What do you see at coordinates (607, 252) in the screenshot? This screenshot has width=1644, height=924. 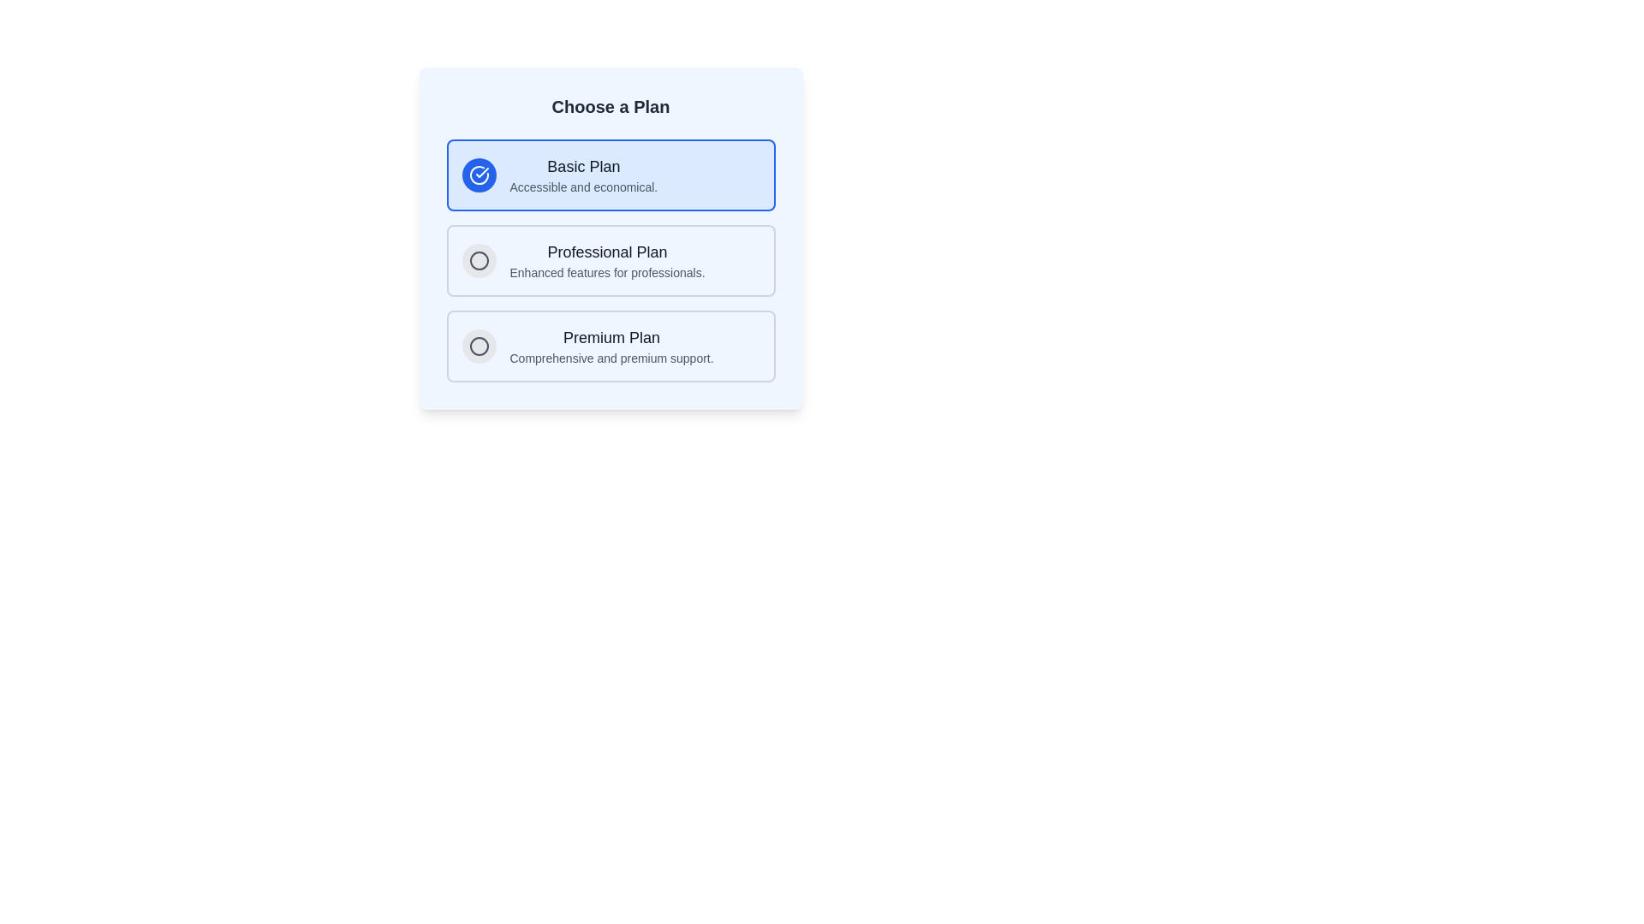 I see `the 'Professional Plan' text label, which is bold and located centrally among a vertical list of plan options, positioned between 'Basic Plan' and 'Premium Plan'` at bounding box center [607, 252].